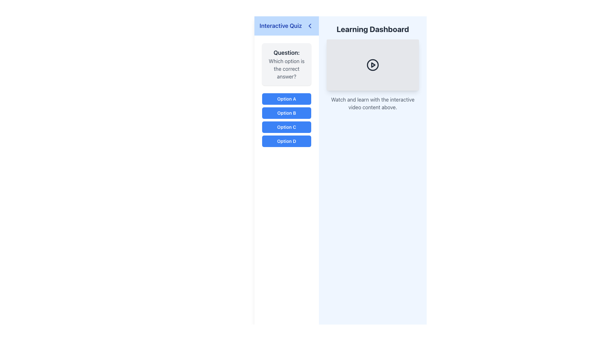  I want to click on instructional text label located beneath the interactive video content in the 'Learning Dashboard' section, so click(372, 103).